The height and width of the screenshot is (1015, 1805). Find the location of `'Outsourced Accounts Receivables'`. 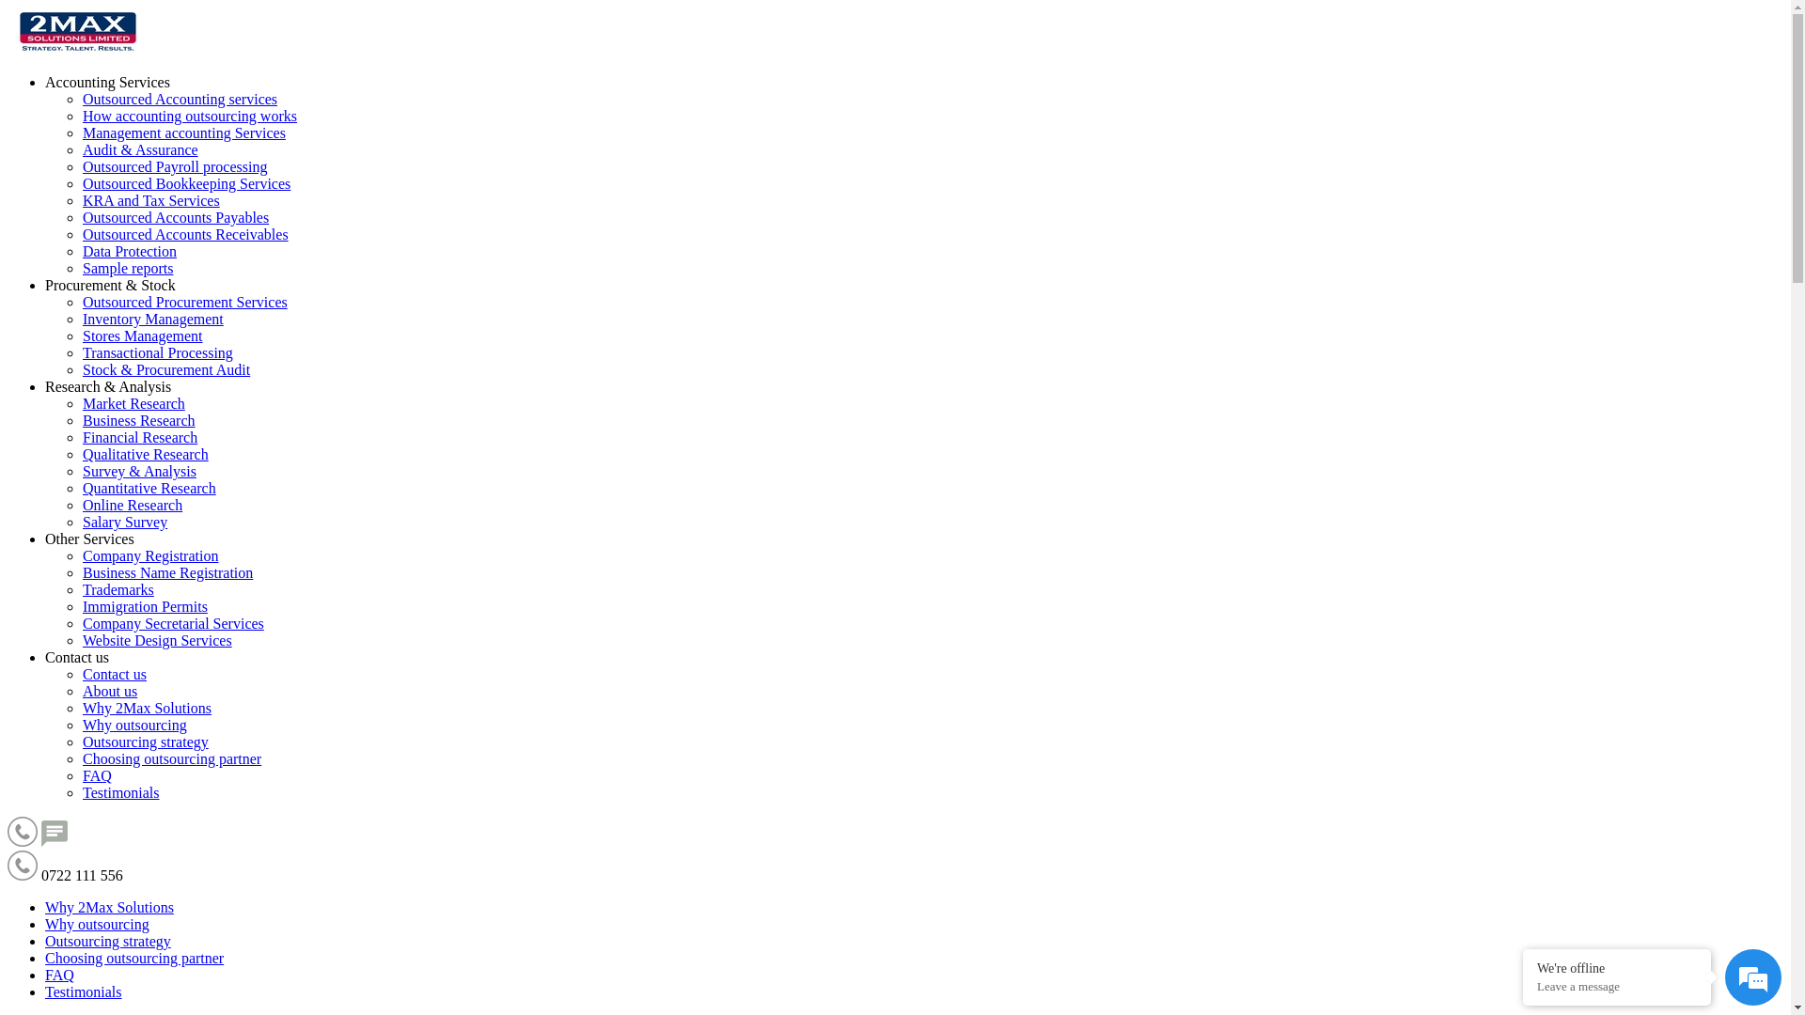

'Outsourced Accounts Receivables' is located at coordinates (185, 233).